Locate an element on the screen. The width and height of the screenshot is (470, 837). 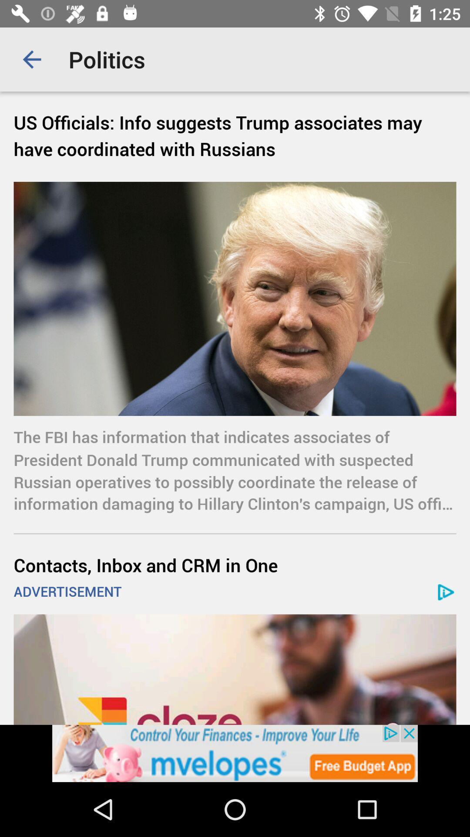
advertisement at bottom is located at coordinates (235, 753).